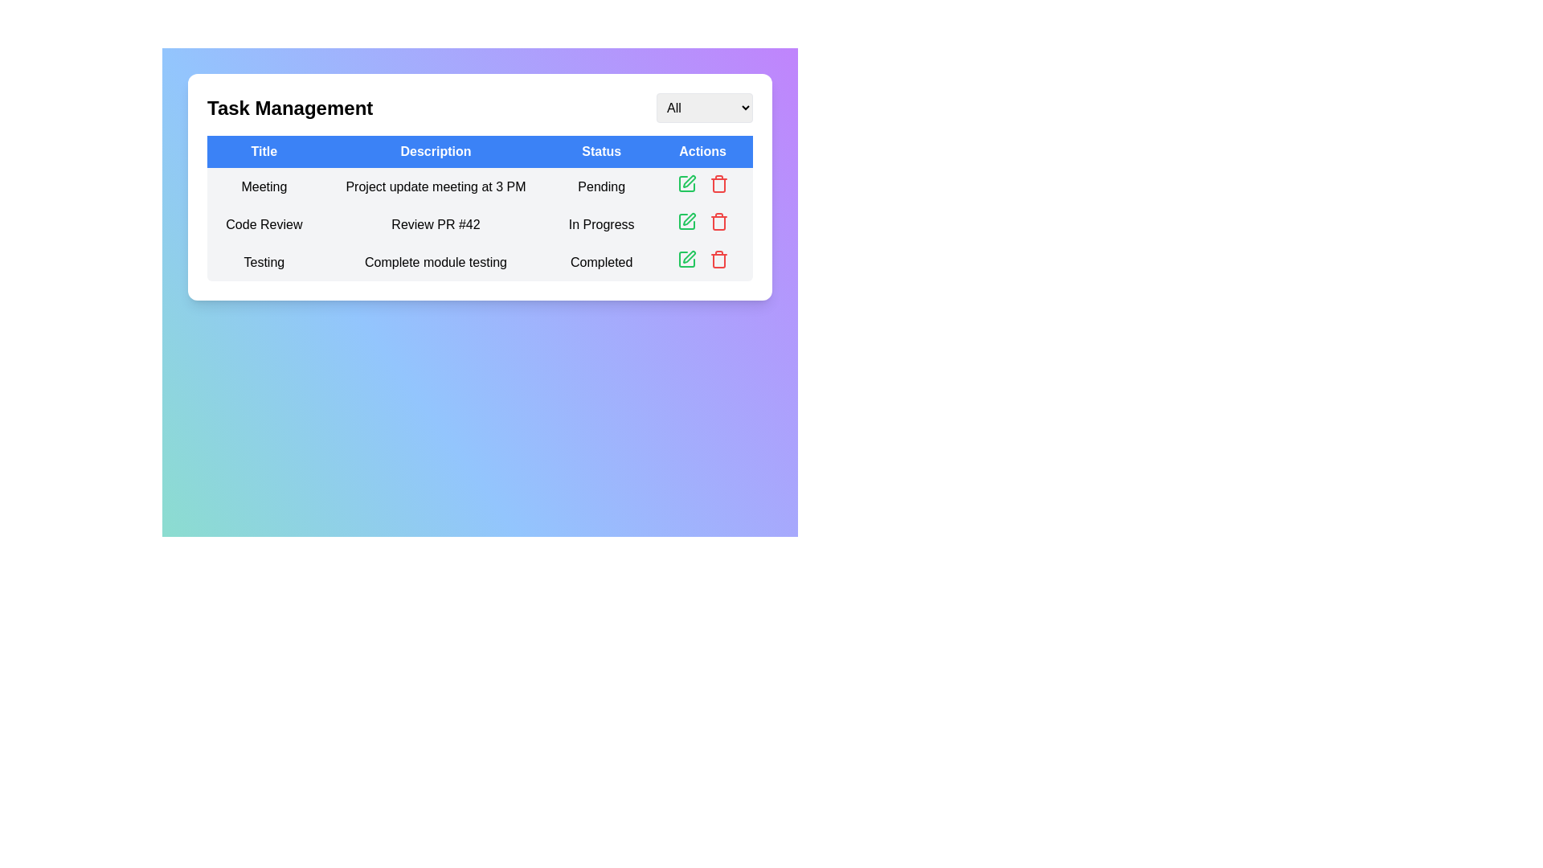  What do you see at coordinates (479, 261) in the screenshot?
I see `the third row of the tabular interface that contains the text 'Testing', 'Complete module testing', and 'Completed'` at bounding box center [479, 261].